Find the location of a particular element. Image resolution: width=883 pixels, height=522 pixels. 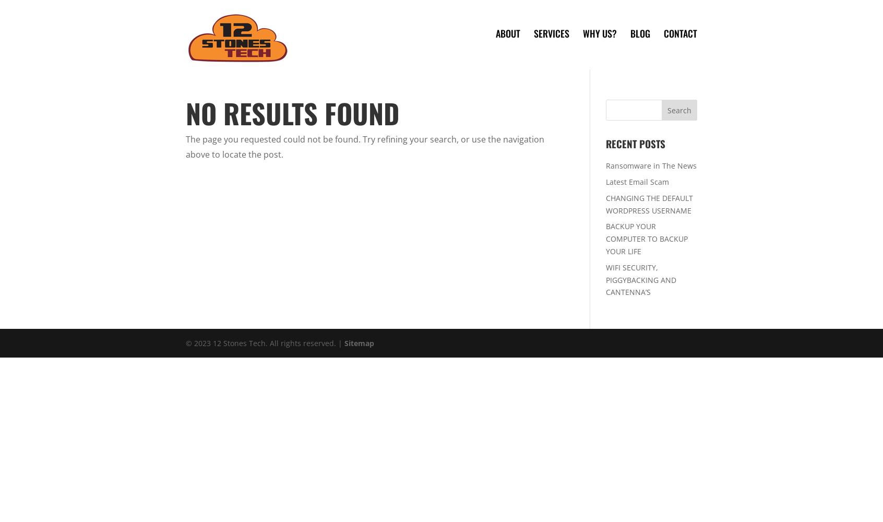

'Services' is located at coordinates (551, 33).